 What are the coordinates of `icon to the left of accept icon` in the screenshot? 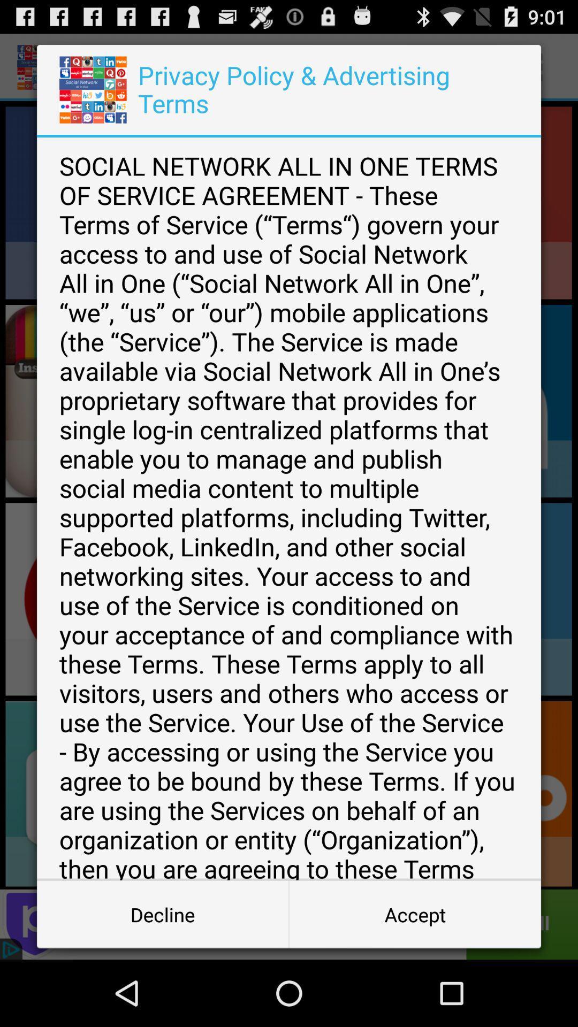 It's located at (163, 914).